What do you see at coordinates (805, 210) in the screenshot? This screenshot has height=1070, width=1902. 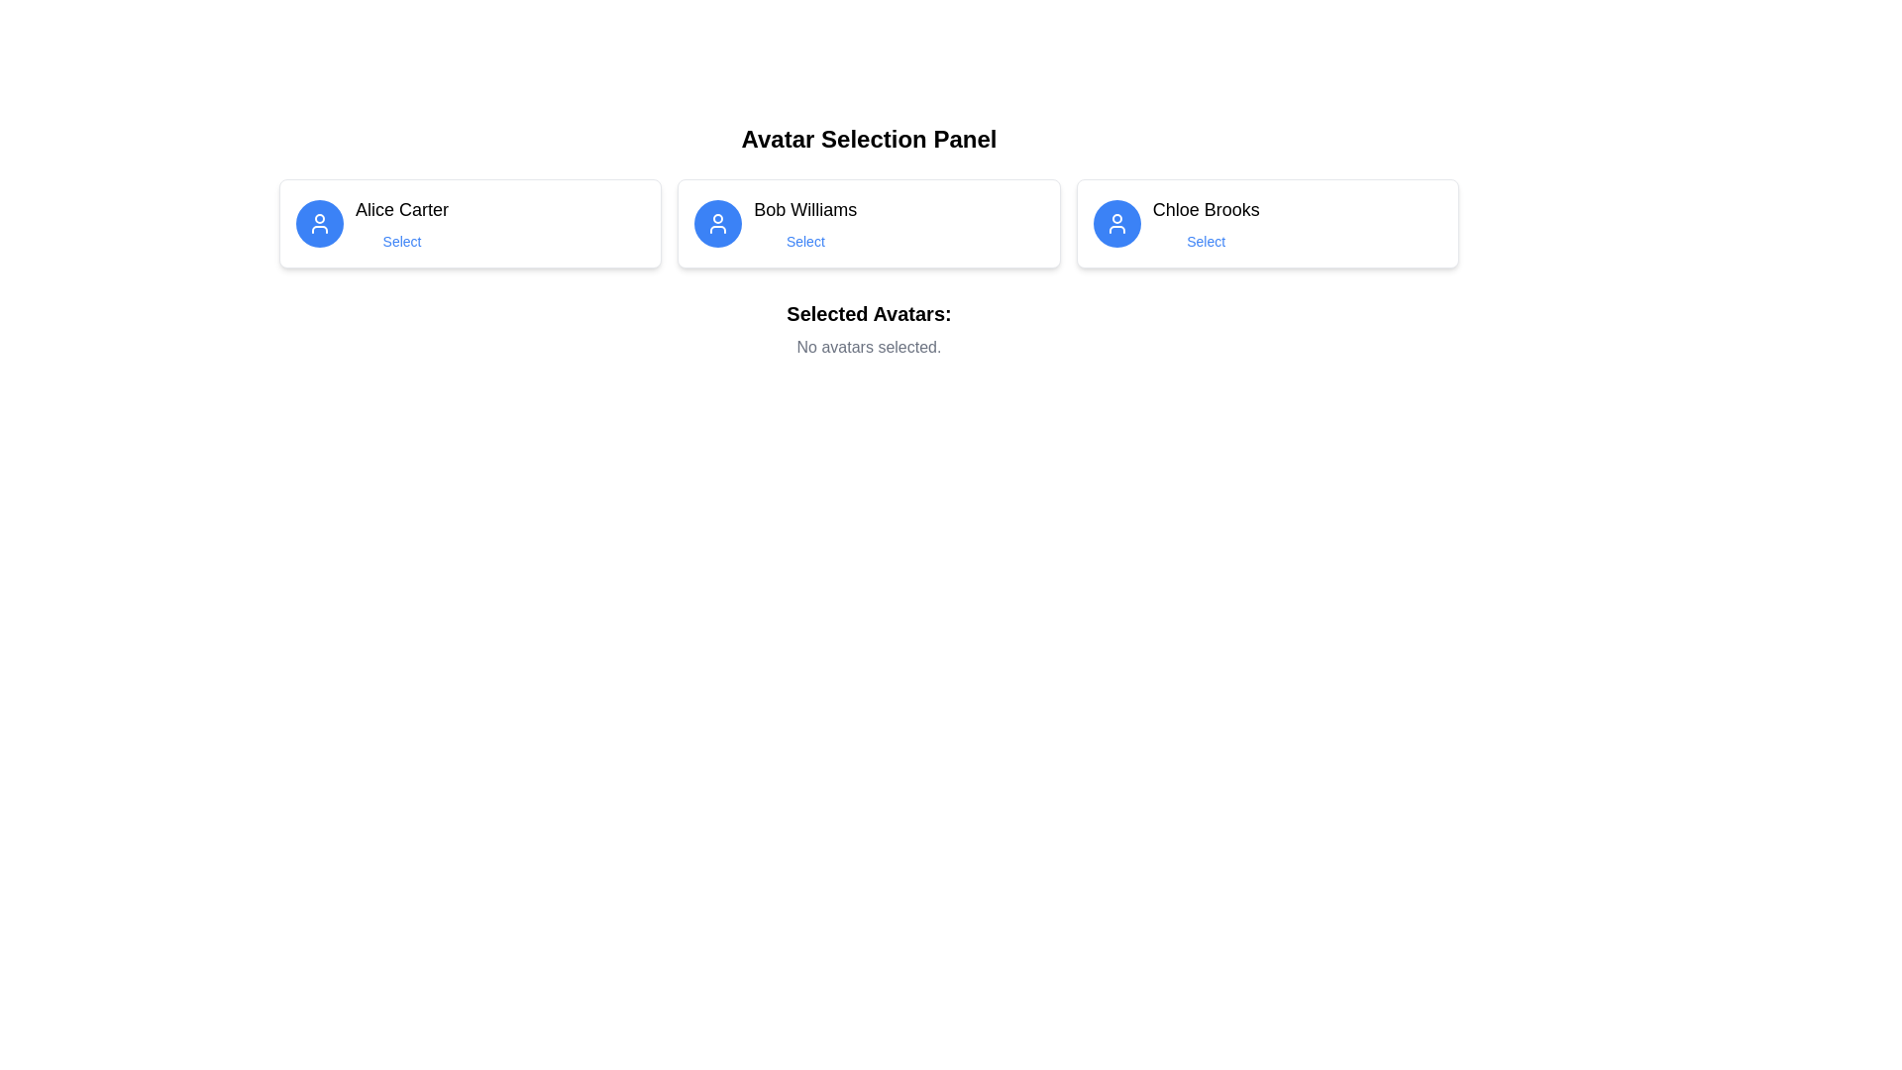 I see `text content of the text label displaying 'Bob Williams', which is positioned above the blue 'Select' button in the user card labeled 'Bob Williams'` at bounding box center [805, 210].